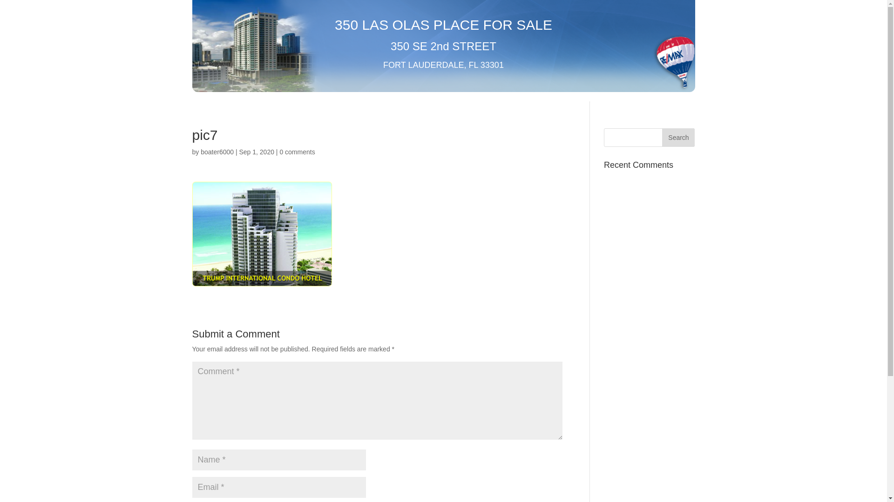 The image size is (894, 502). I want to click on 'Search', so click(678, 138).